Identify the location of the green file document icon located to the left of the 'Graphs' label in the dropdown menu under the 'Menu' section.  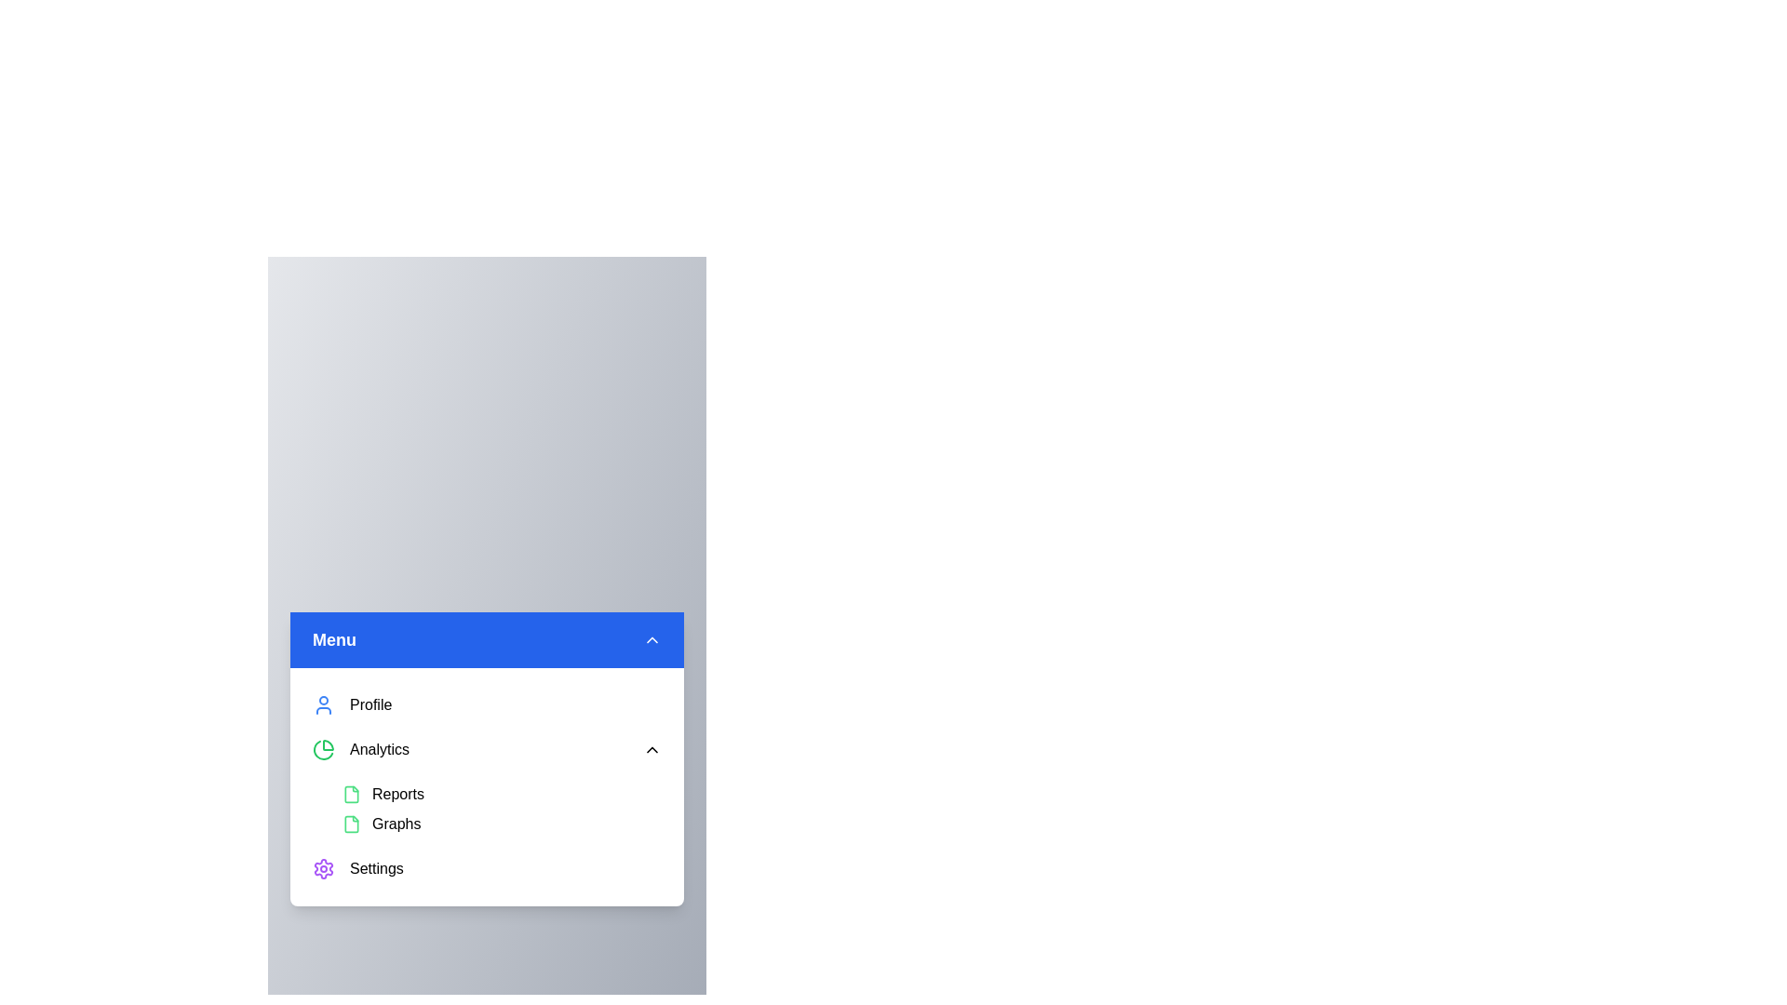
(352, 824).